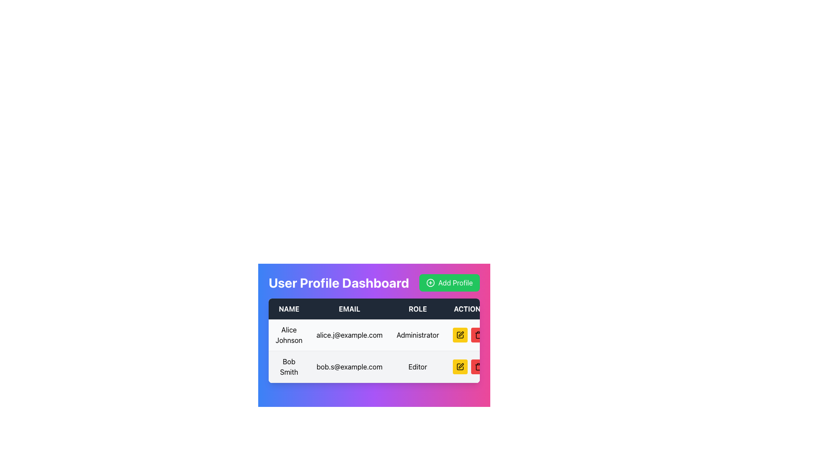  Describe the element at coordinates (349, 335) in the screenshot. I see `the text display element showing 'alice.j@example.com' in the EMAIL column of the user information table` at that location.